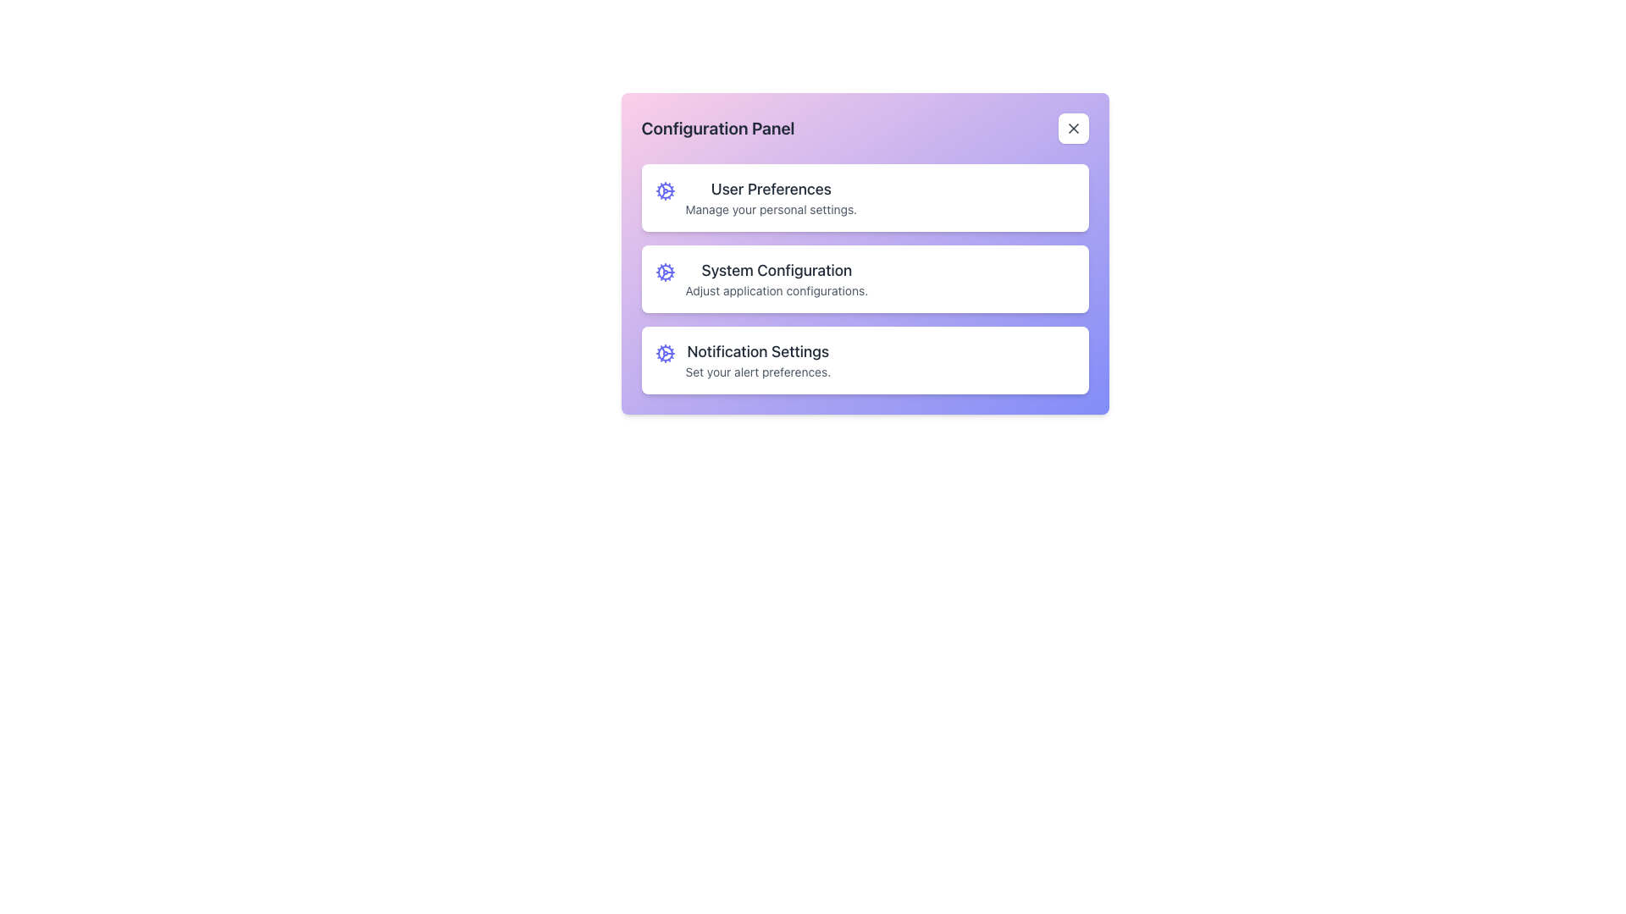  Describe the element at coordinates (664, 271) in the screenshot. I see `the cog icon located beside the 'System Configuration' text, which is the second entry in the list of configuration options` at that location.